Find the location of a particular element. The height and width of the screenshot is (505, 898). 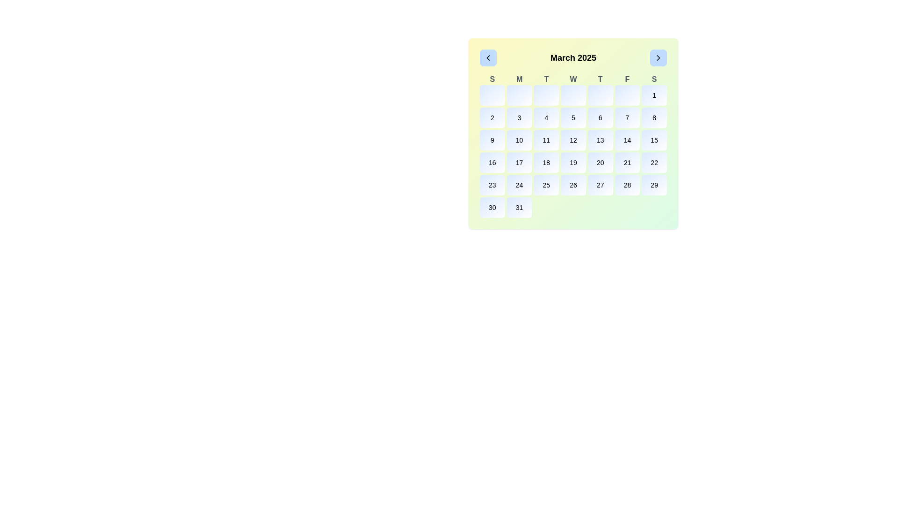

the static text label 'M' in the second column of the calendar's header, which is light gray and positioned between 'S' and 'T' is located at coordinates (519, 79).